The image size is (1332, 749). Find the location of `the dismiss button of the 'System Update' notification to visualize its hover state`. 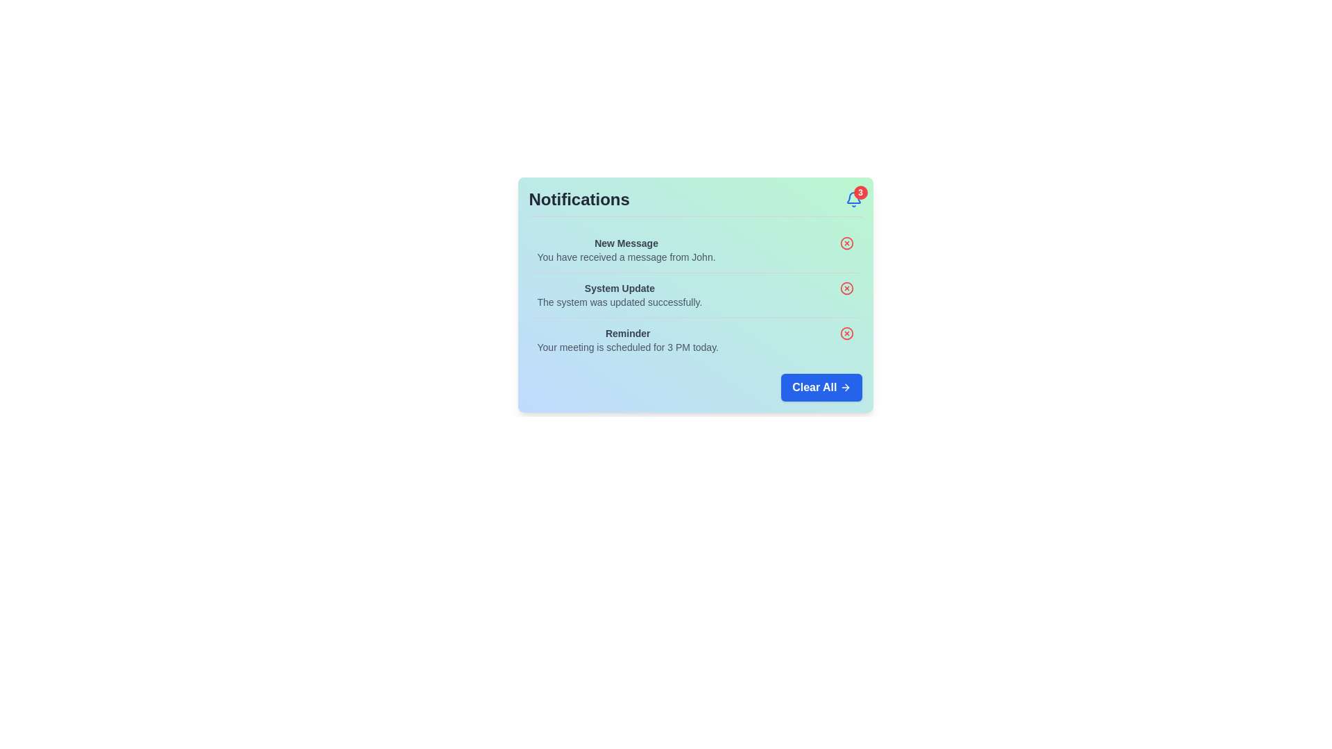

the dismiss button of the 'System Update' notification to visualize its hover state is located at coordinates (846, 288).